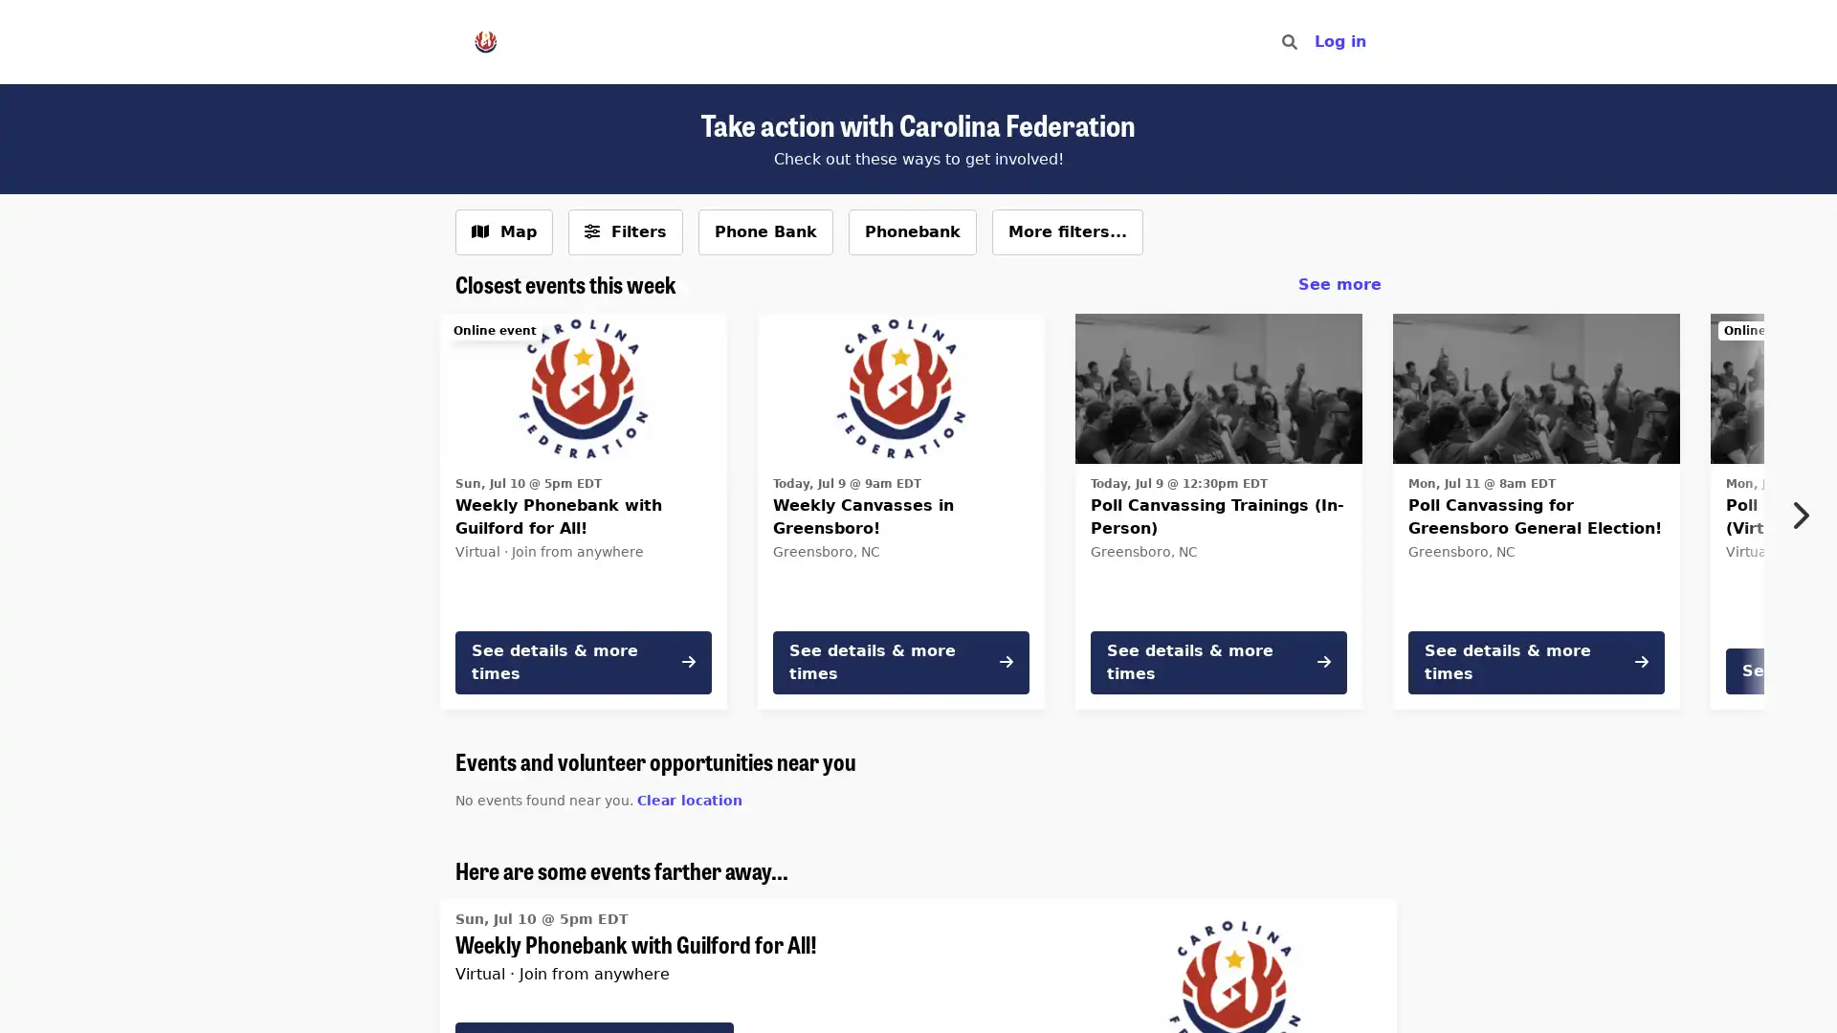 The width and height of the screenshot is (1837, 1033). Describe the element at coordinates (504, 231) in the screenshot. I see `Show map view` at that location.